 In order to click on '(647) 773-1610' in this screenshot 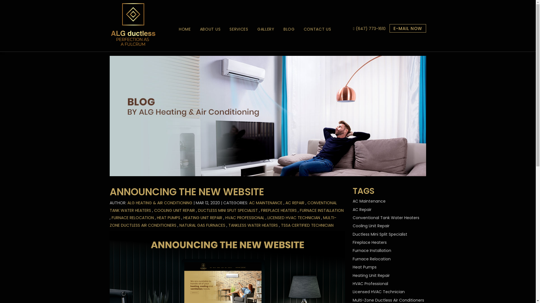, I will do `click(371, 28)`.